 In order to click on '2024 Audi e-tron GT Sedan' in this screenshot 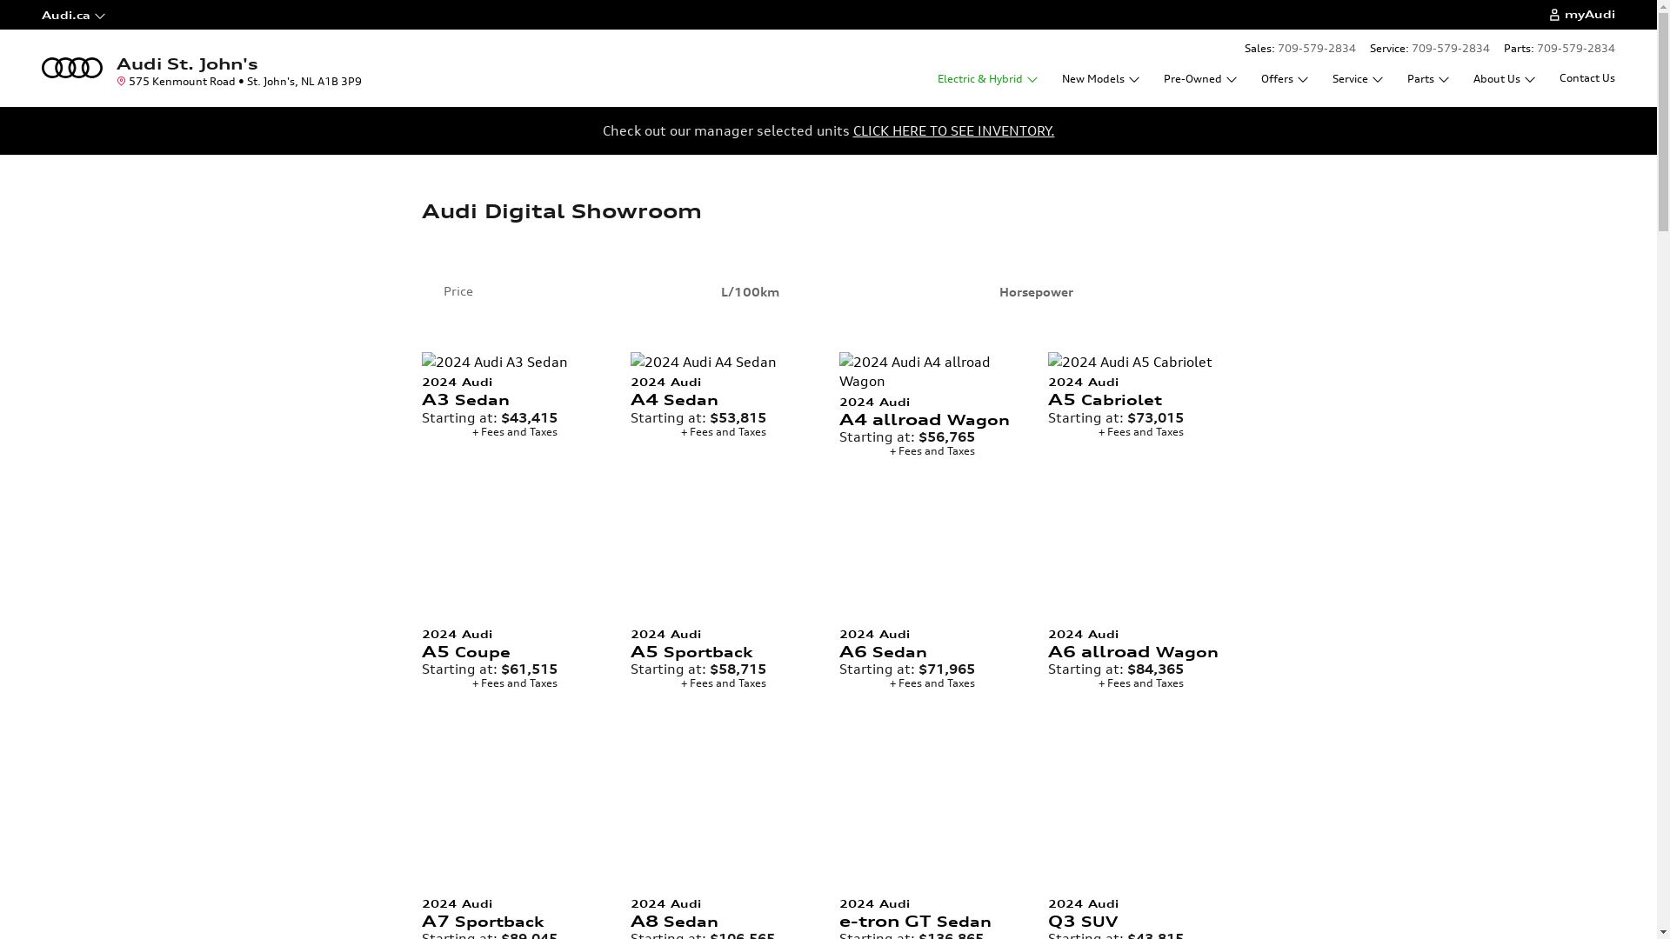, I will do `click(838, 909)`.